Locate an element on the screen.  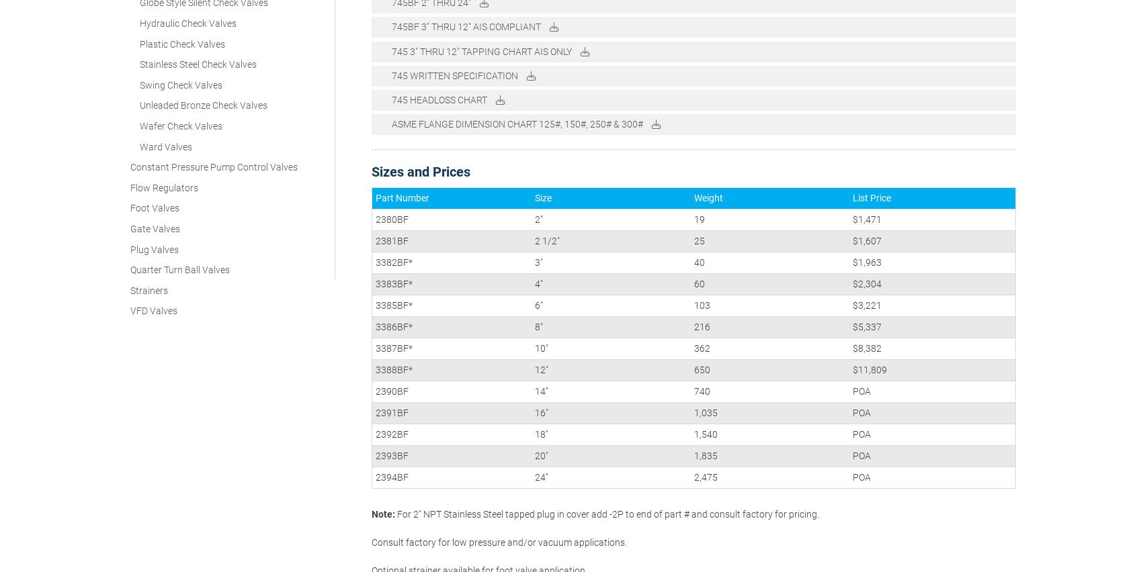
'Flow Regulating Valves' is located at coordinates (394, 456).